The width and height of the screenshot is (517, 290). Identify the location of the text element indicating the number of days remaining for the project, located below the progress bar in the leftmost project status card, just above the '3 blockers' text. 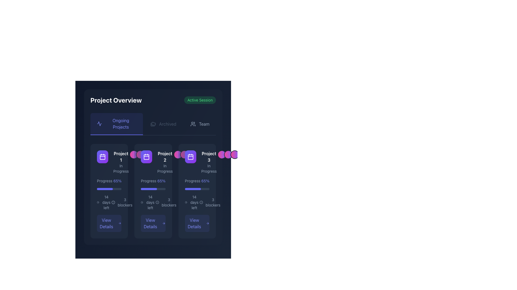
(104, 202).